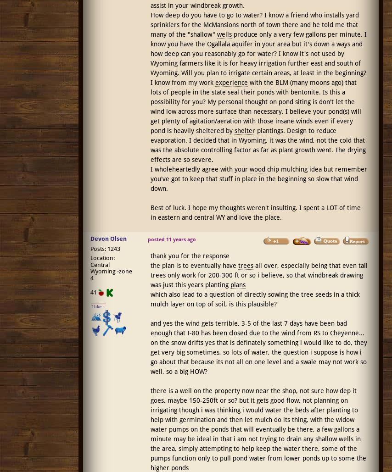 This screenshot has width=392, height=472. Describe the element at coordinates (149, 255) in the screenshot. I see `'thank you for the response'` at that location.